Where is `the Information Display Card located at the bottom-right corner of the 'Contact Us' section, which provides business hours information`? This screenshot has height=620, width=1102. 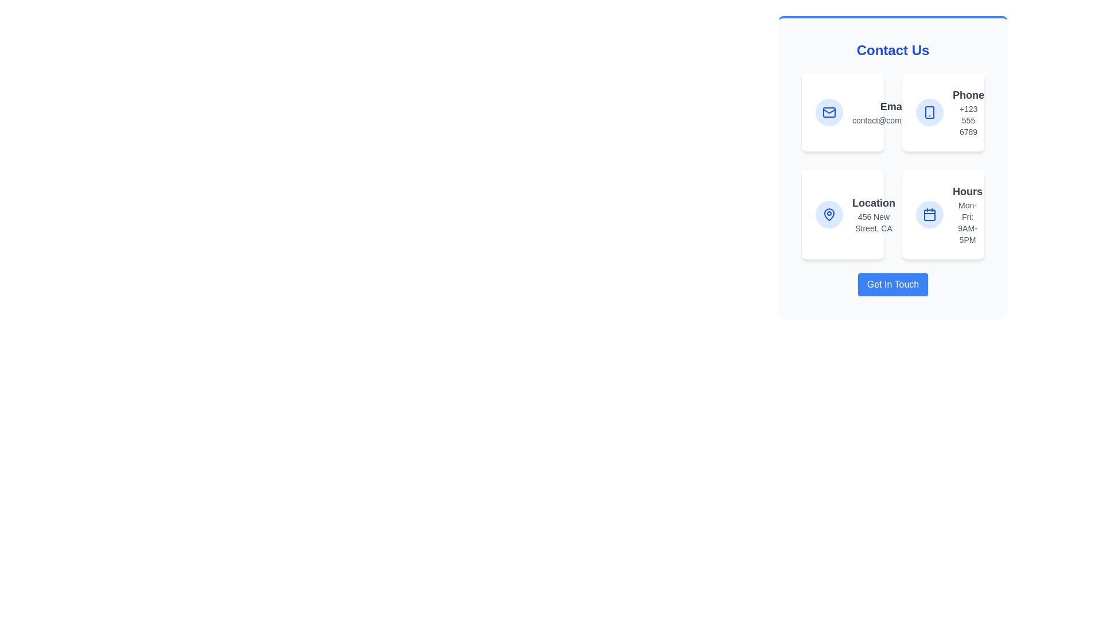
the Information Display Card located at the bottom-right corner of the 'Contact Us' section, which provides business hours information is located at coordinates (943, 215).